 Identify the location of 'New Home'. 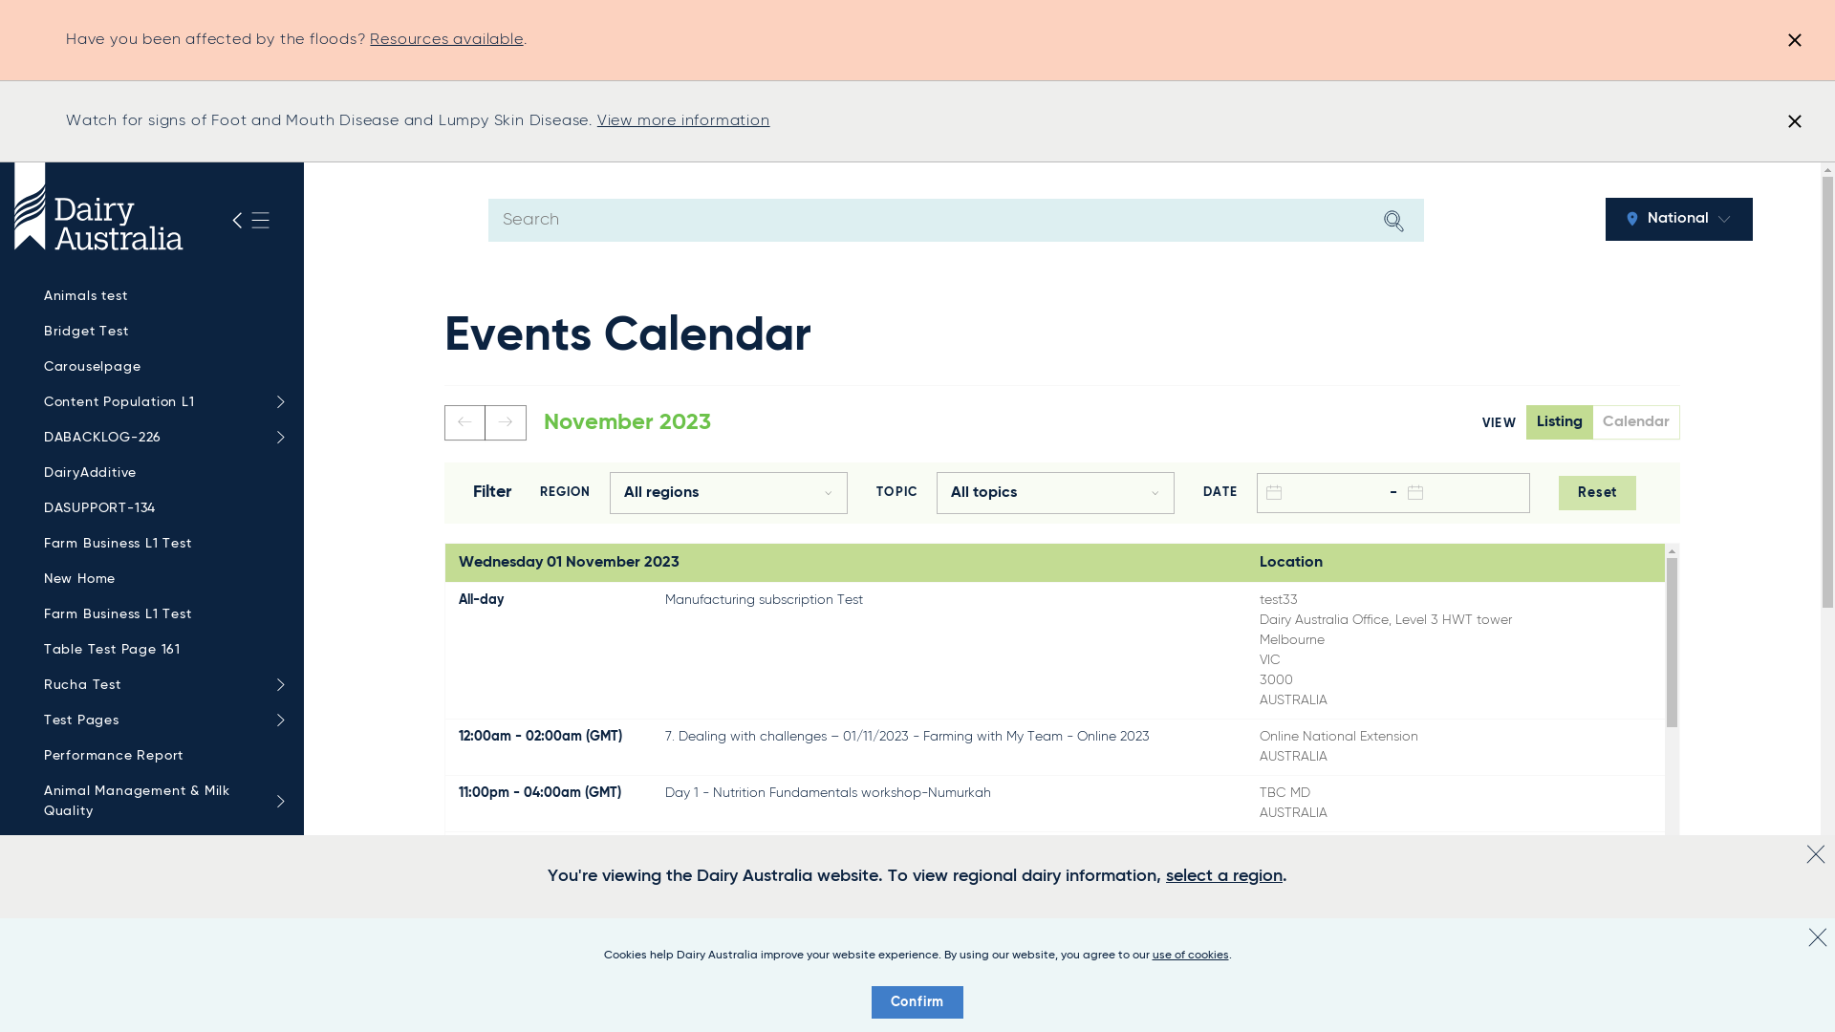
(160, 578).